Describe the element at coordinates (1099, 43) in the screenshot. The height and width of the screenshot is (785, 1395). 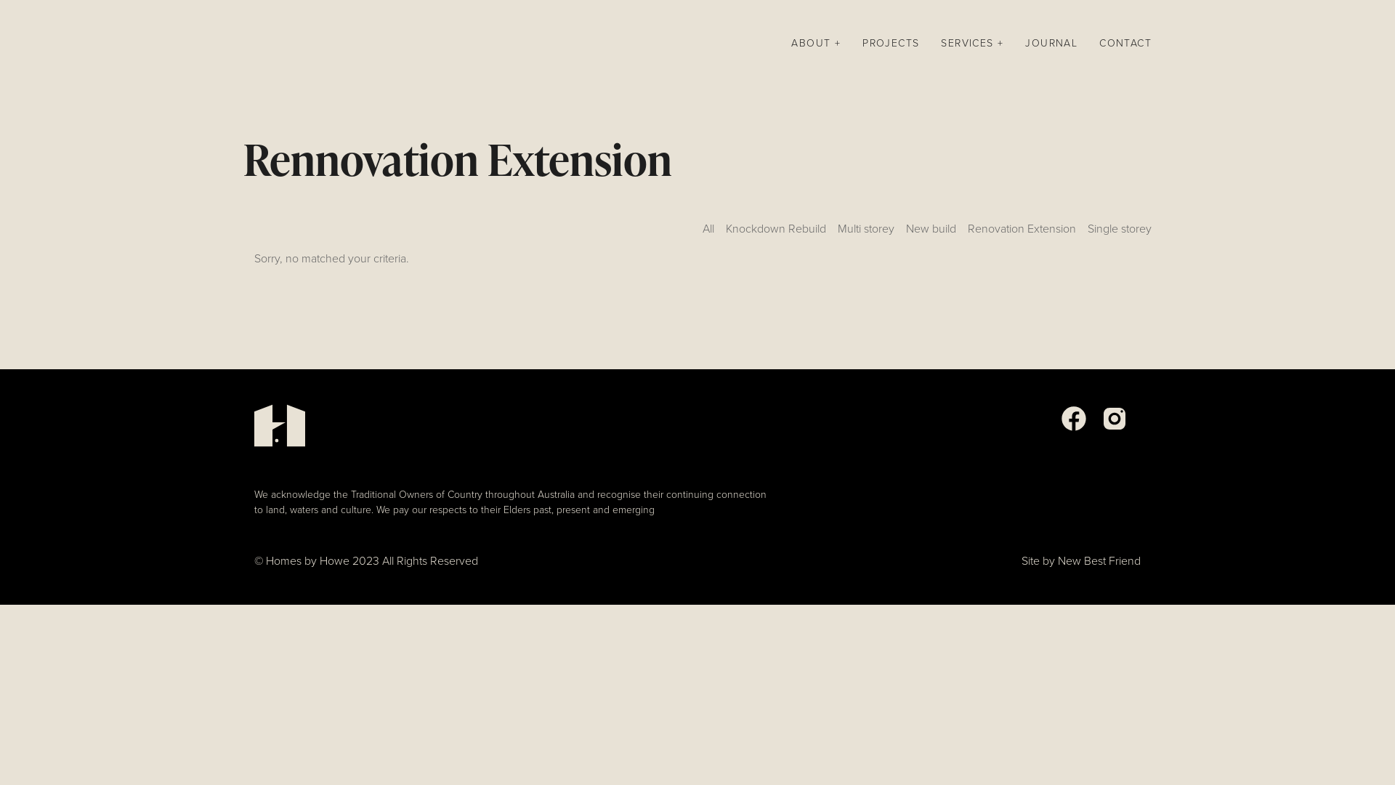
I see `'CONTACT'` at that location.